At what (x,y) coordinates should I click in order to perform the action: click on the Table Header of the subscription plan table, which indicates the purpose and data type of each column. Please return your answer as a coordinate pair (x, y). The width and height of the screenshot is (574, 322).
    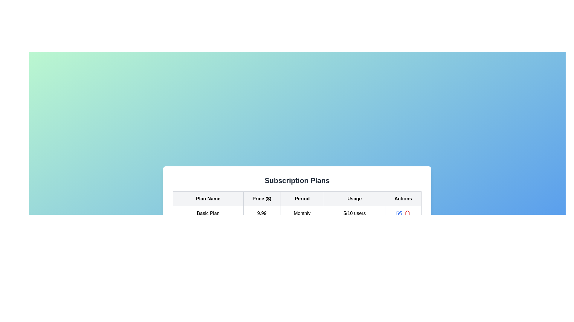
    Looking at the image, I should click on (297, 199).